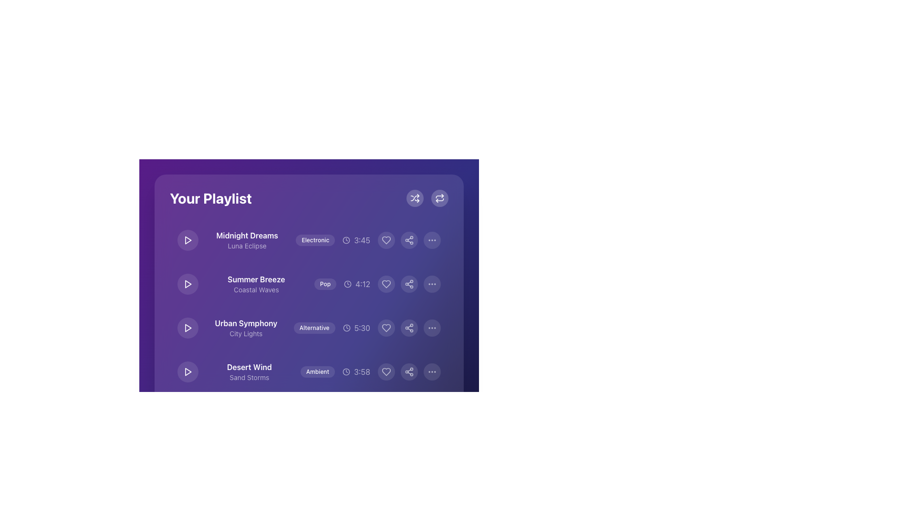 The height and width of the screenshot is (515, 916). I want to click on the heart icon button located to the right of the 'Desert Wind' playlist entry, so click(386, 371).